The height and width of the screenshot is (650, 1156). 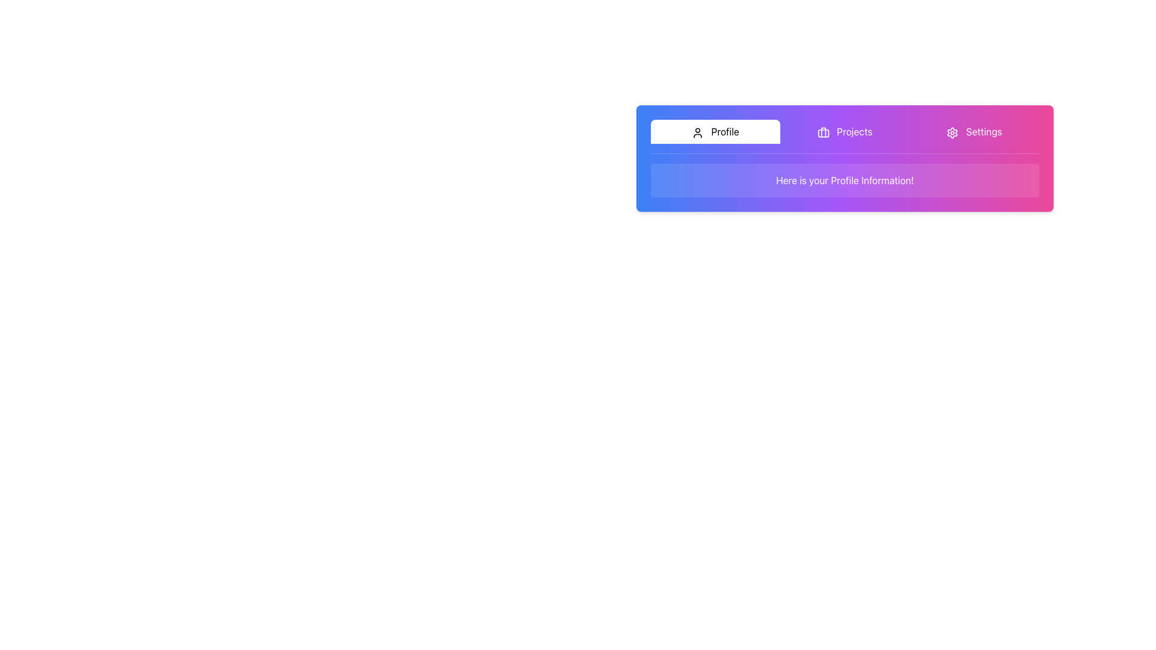 I want to click on the 'Settings' Tab Button located in the horizontal navigation bar to trigger the hover effect, so click(x=974, y=132).